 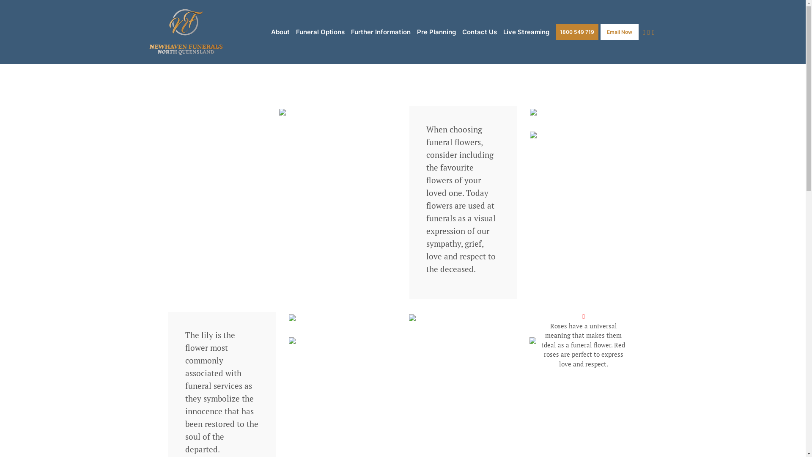 I want to click on 'Funeral Options', so click(x=320, y=32).